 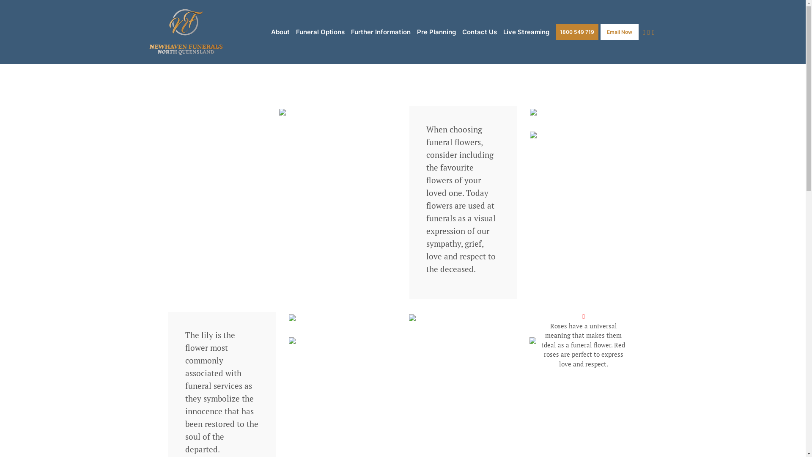 I want to click on 'Funeral Options', so click(x=320, y=32).